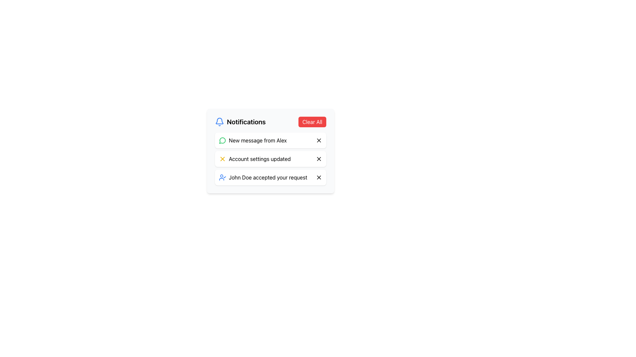  I want to click on the bright blue bell icon located to the left of the 'Notifications' text in the top-left corner of the notification panel, so click(219, 122).